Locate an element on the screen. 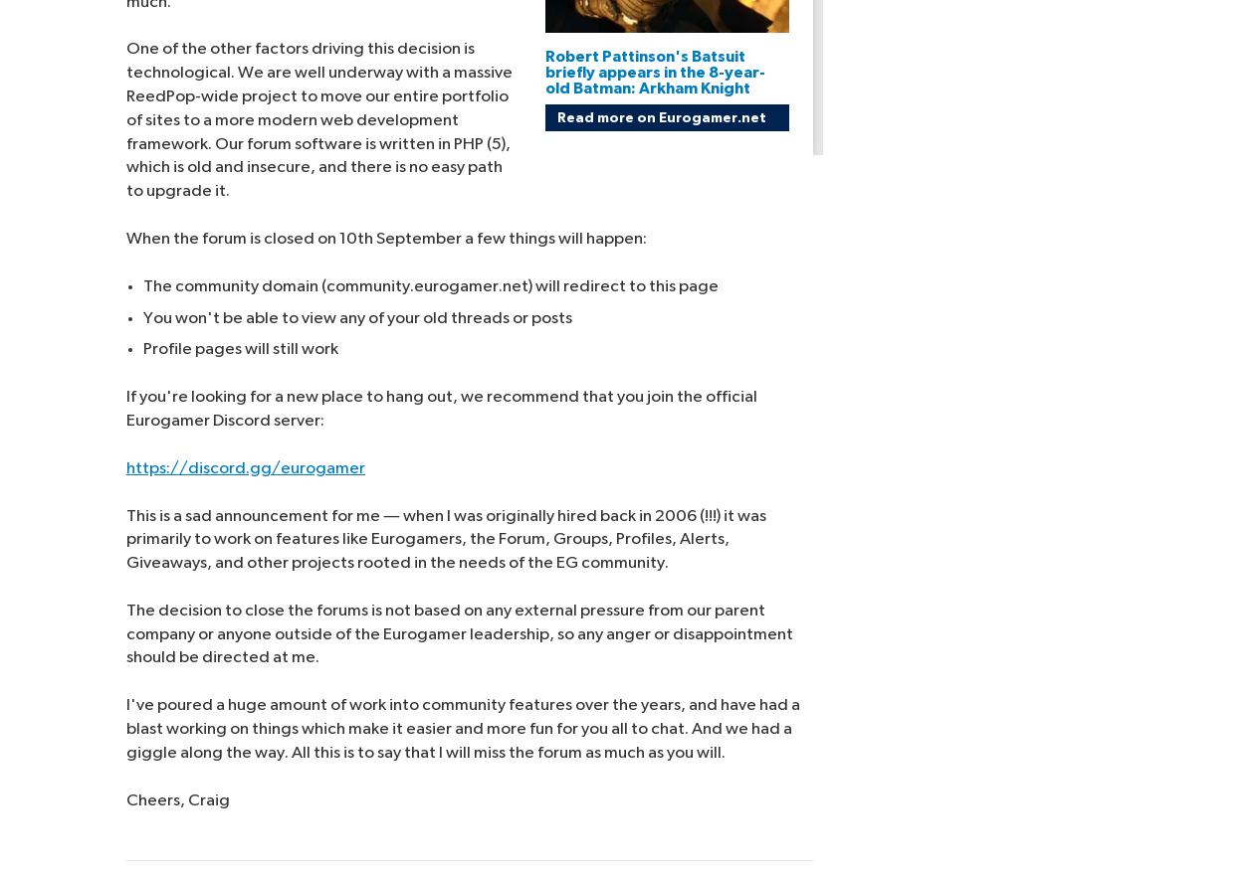 Image resolution: width=1254 pixels, height=879 pixels. 'Your Privacy Choices' is located at coordinates (641, 188).